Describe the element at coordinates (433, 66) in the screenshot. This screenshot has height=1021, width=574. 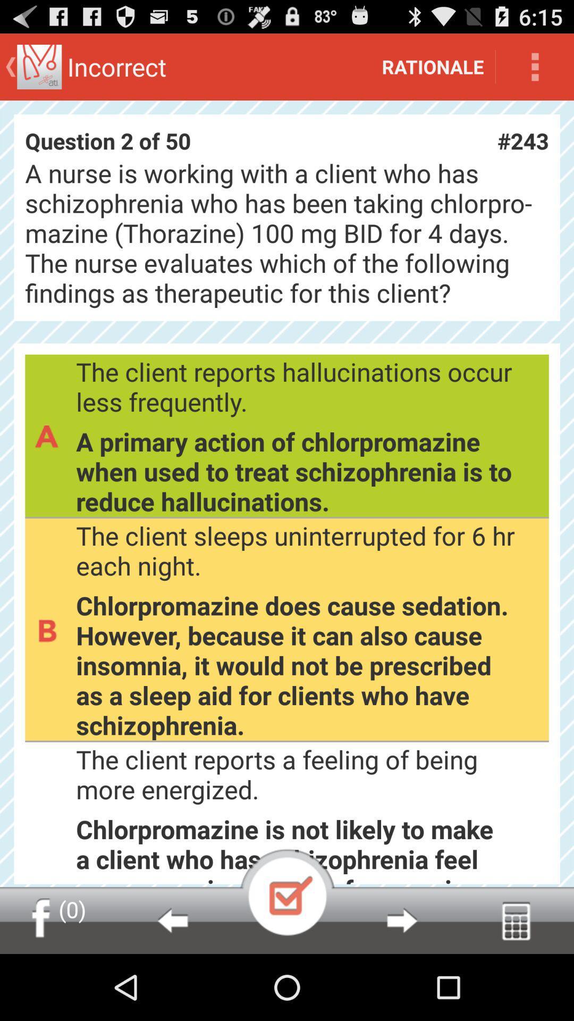
I see `rationale icon` at that location.